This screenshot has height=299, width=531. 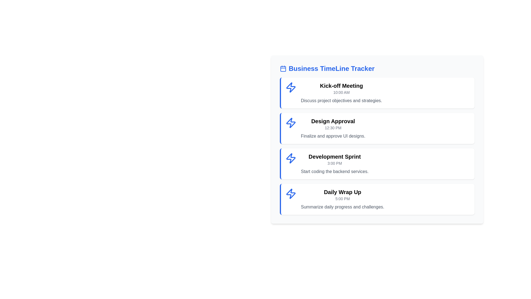 I want to click on the icon representing the 'Design Approval' task in the Business TimeLine Tracker, located on the left side of the second task card, so click(x=290, y=122).